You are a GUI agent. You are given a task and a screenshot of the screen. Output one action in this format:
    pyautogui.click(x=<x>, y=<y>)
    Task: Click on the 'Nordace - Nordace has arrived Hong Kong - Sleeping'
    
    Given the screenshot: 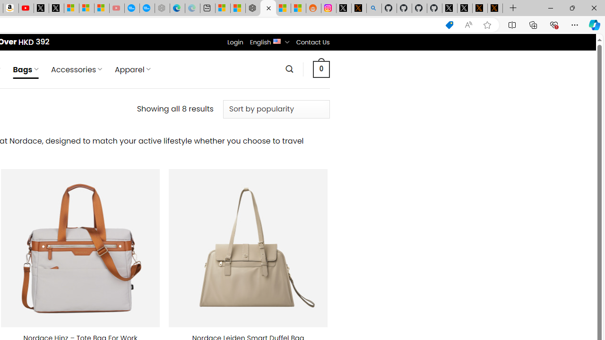 What is the action you would take?
    pyautogui.click(x=162, y=8)
    